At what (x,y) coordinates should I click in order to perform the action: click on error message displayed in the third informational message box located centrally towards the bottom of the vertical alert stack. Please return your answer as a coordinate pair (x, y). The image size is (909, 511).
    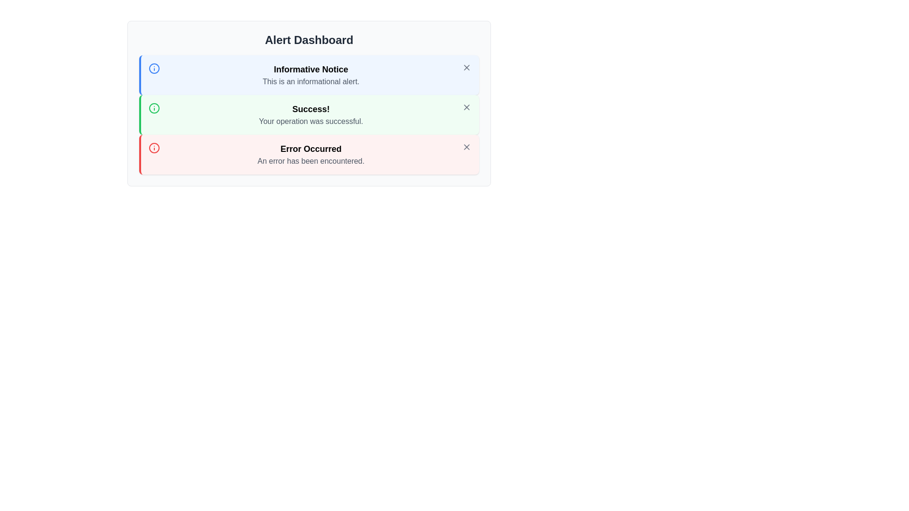
    Looking at the image, I should click on (311, 154).